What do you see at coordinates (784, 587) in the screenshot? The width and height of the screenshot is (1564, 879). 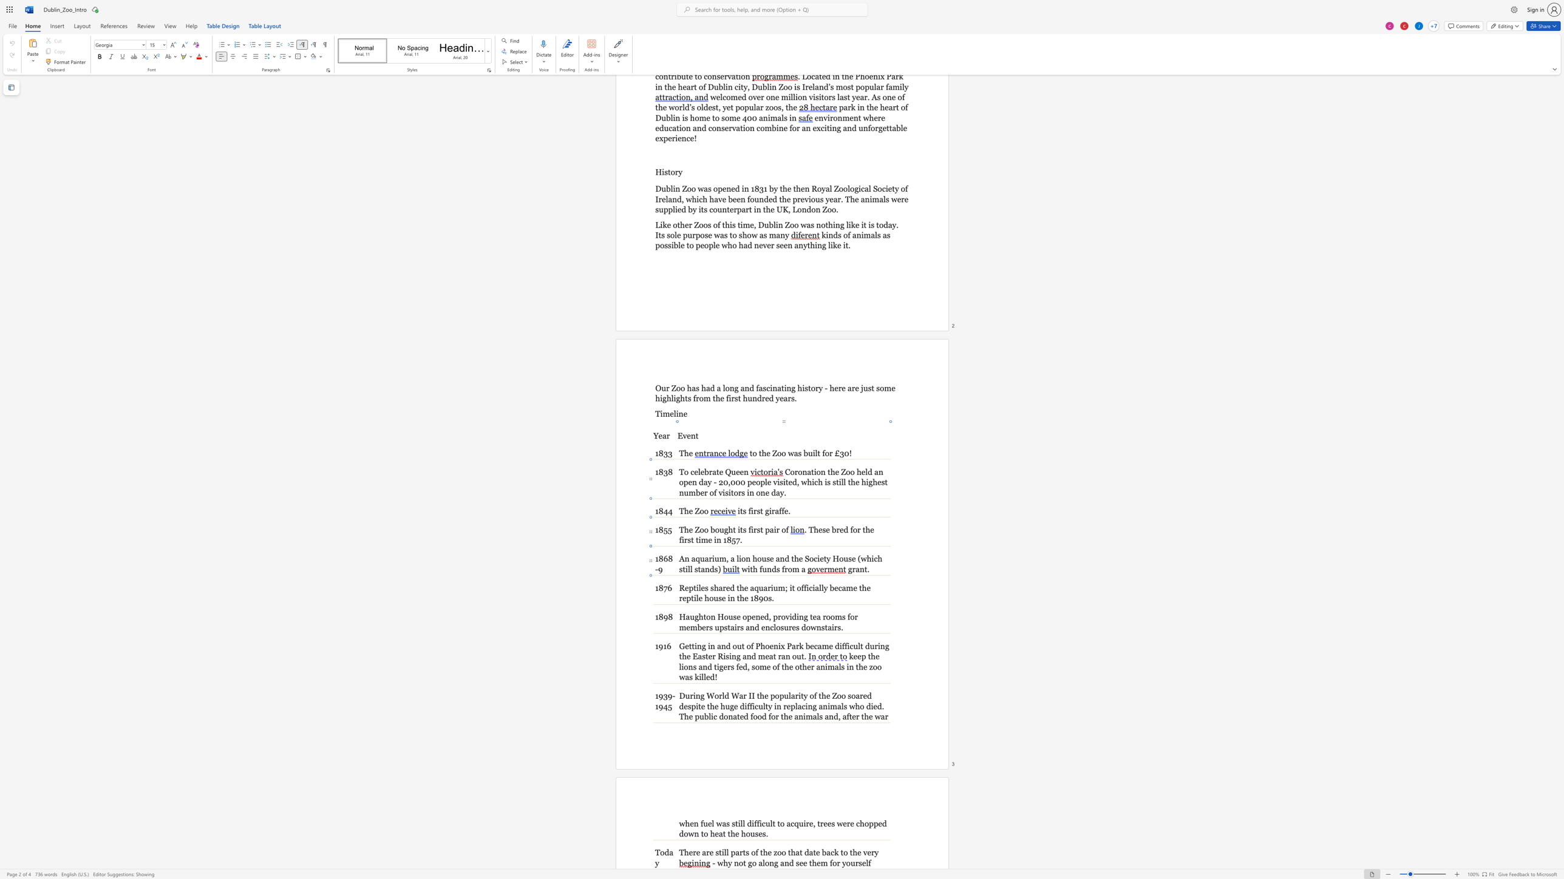 I see `the space between the continuous character "m" and ";" in the text` at bounding box center [784, 587].